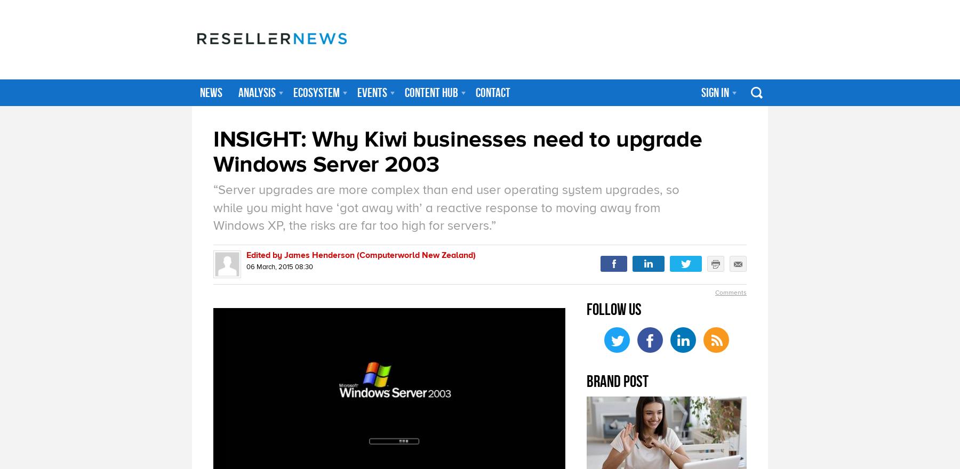 The width and height of the screenshot is (960, 469). What do you see at coordinates (246, 255) in the screenshot?
I see `'Edited by James Henderson (Computerworld New Zealand)'` at bounding box center [246, 255].